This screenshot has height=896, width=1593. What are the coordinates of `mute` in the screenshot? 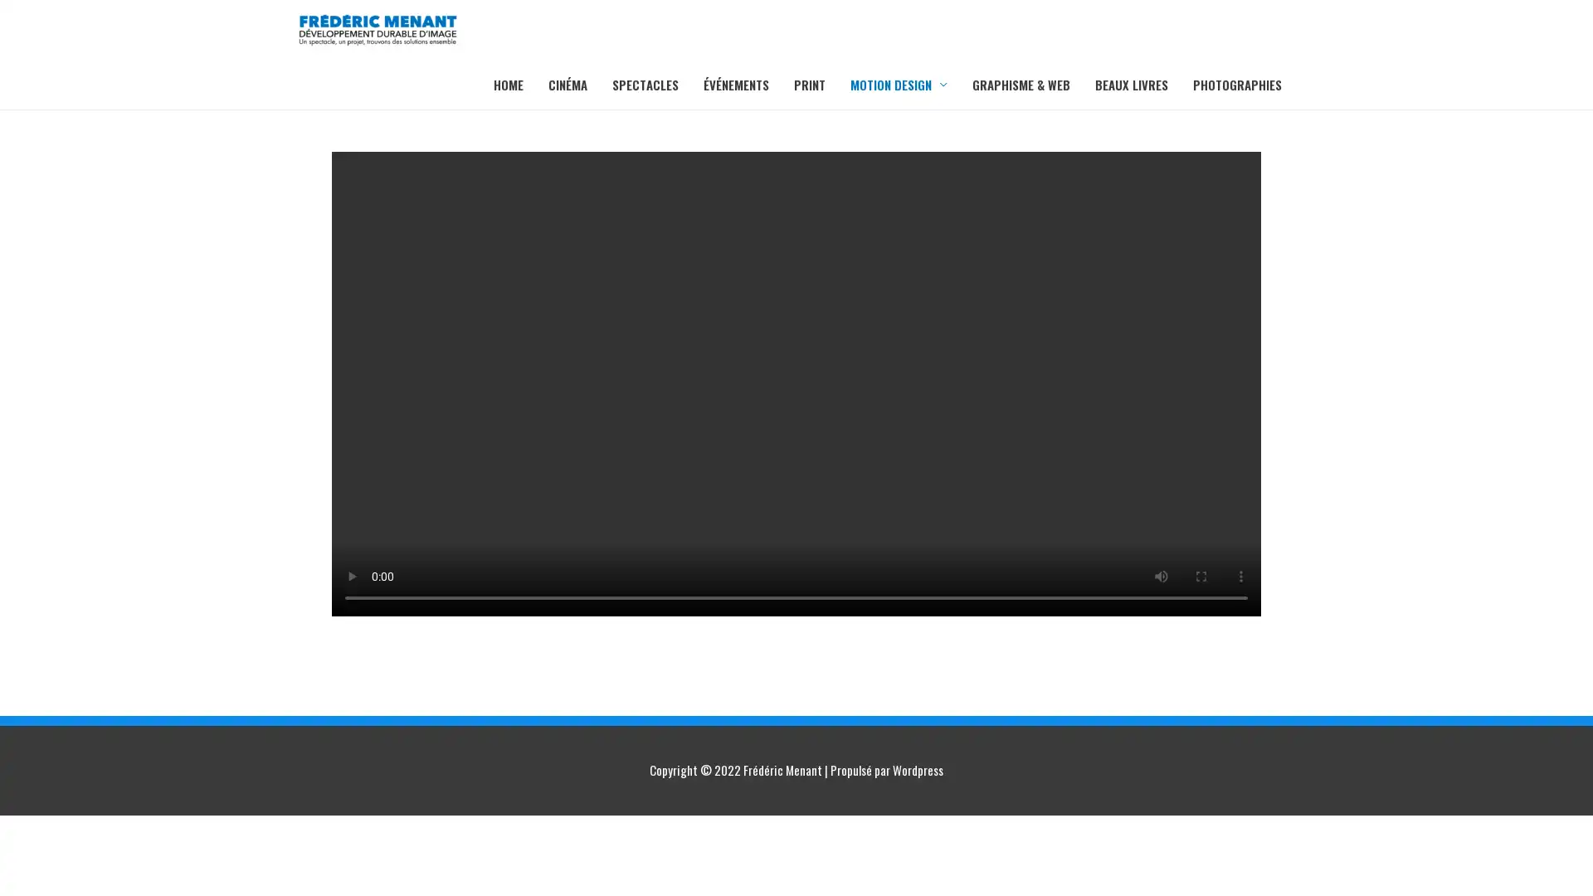 It's located at (1161, 575).